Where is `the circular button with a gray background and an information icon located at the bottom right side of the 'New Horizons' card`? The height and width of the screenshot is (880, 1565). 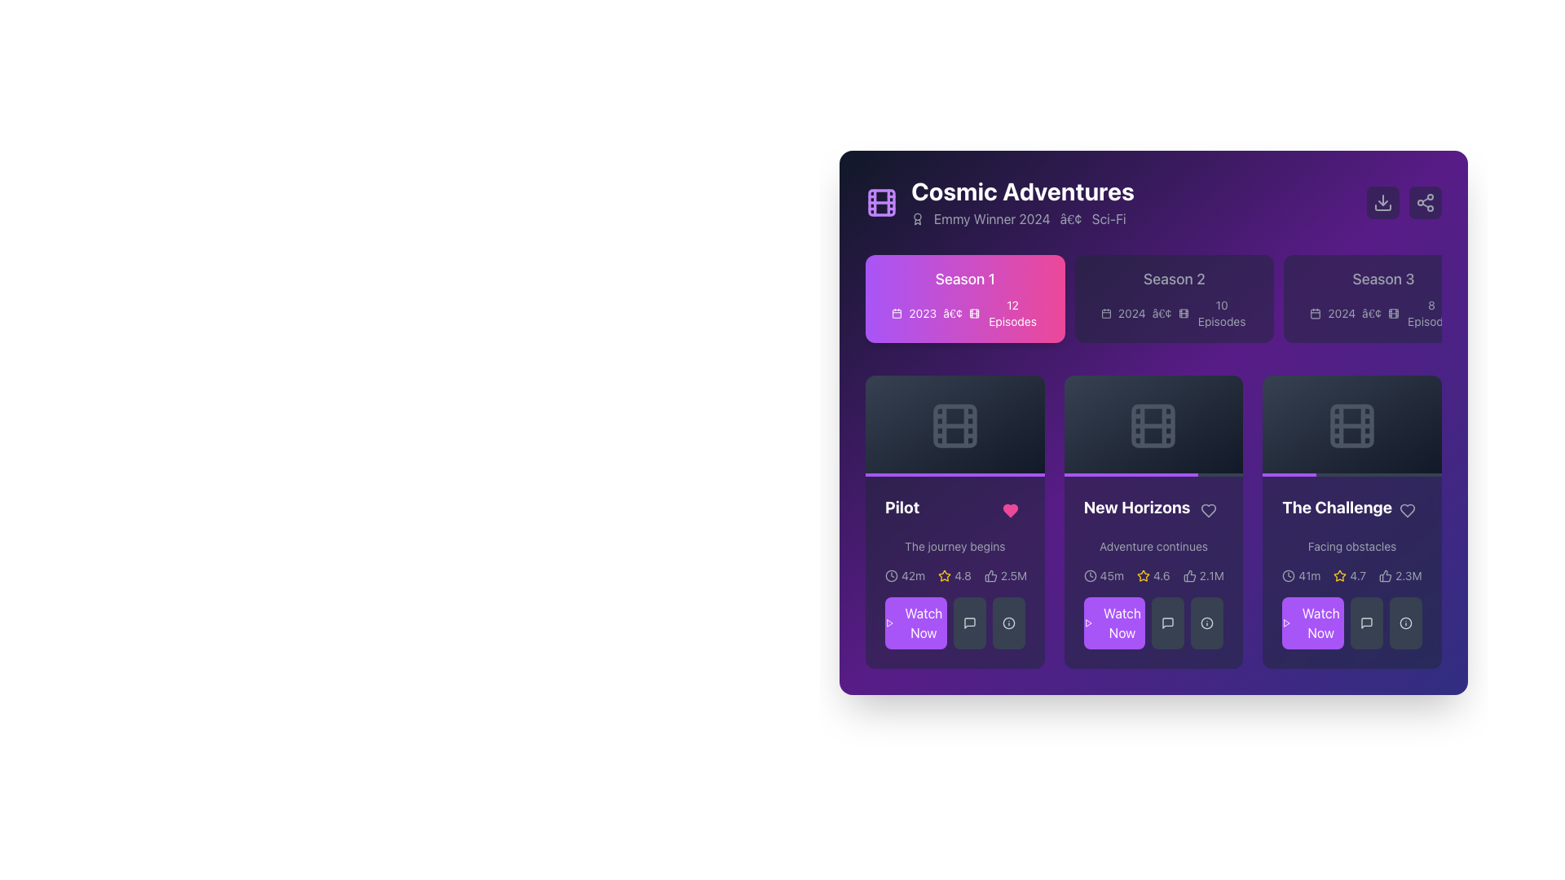 the circular button with a gray background and an information icon located at the bottom right side of the 'New Horizons' card is located at coordinates (1207, 623).